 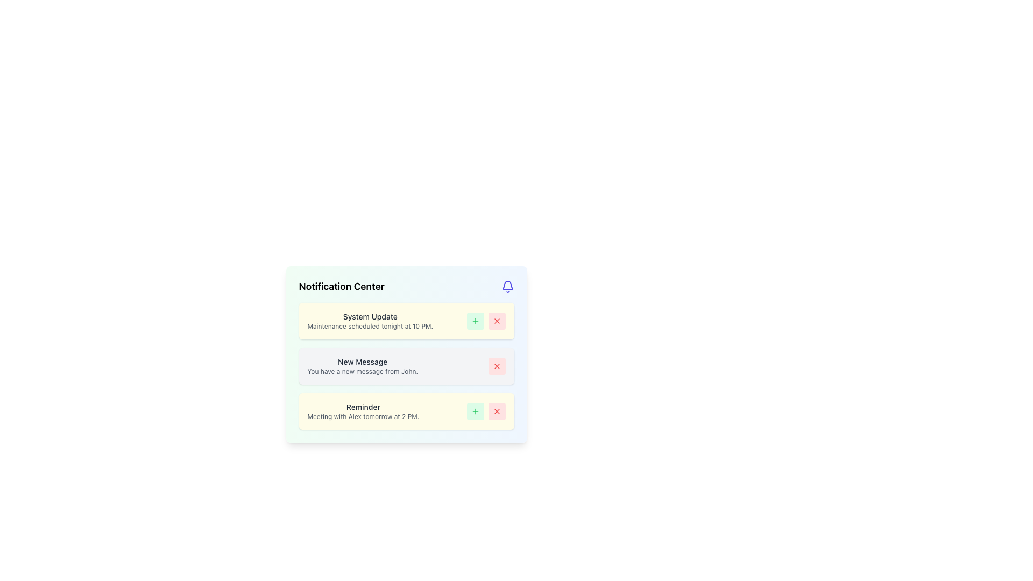 What do you see at coordinates (370, 321) in the screenshot?
I see `the static informational text titled 'System Update' that displays the message 'Maintenance scheduled tonight at 10 PM' within the notification center` at bounding box center [370, 321].